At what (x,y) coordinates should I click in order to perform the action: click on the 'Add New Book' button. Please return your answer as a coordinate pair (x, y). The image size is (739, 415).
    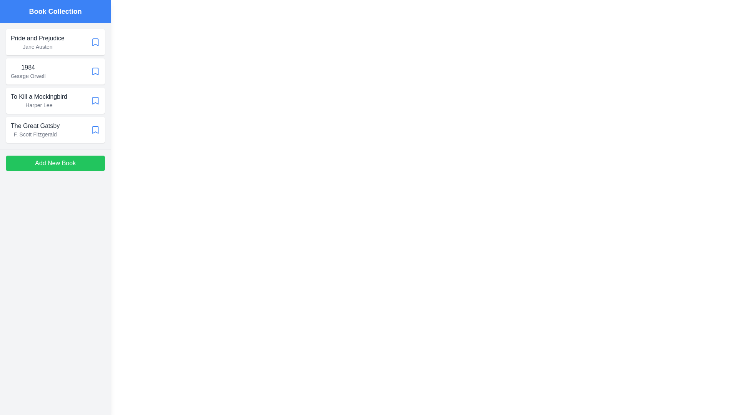
    Looking at the image, I should click on (55, 163).